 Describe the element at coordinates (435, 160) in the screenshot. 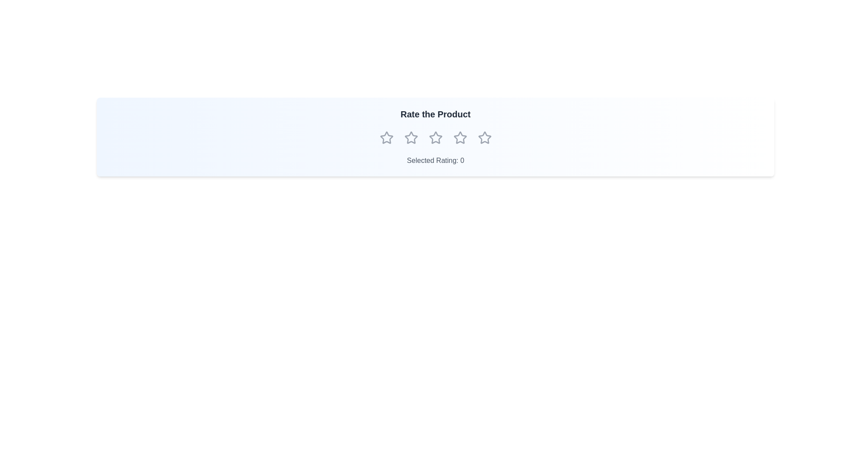

I see `the text label displaying 'Selected Rating: 0', which is styled in gray and located below the interactive star icons in the rating section` at that location.